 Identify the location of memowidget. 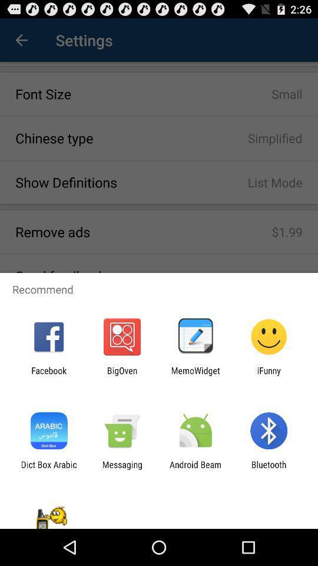
(196, 375).